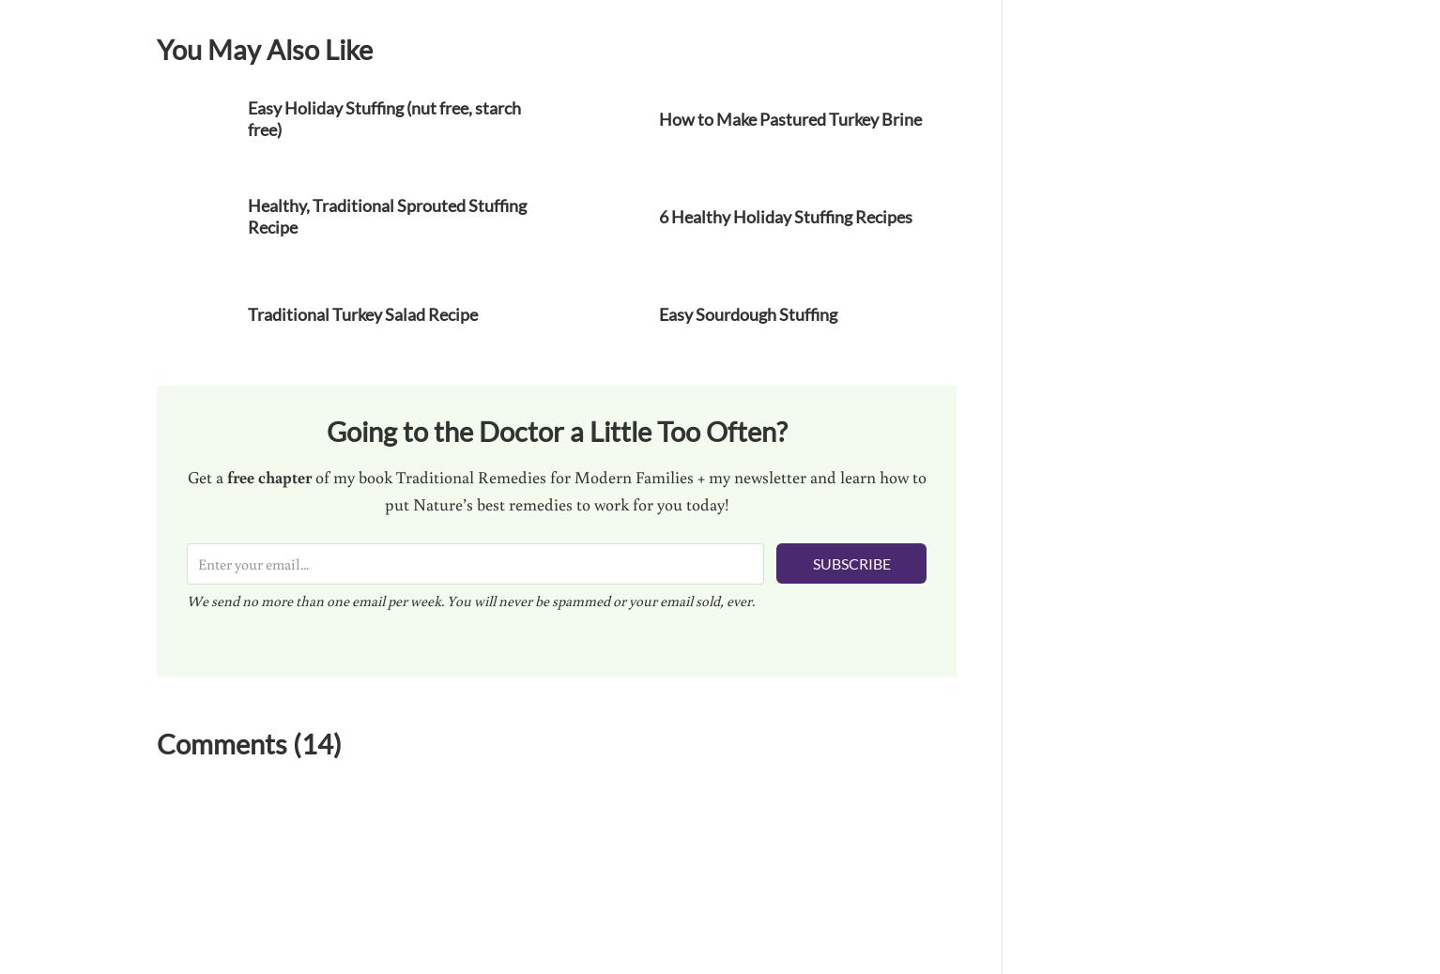  I want to click on 'of my book Traditional Remedies for Modern Families + my newsletter and learn how to put Nature’s best remedies to work for you today!', so click(617, 489).